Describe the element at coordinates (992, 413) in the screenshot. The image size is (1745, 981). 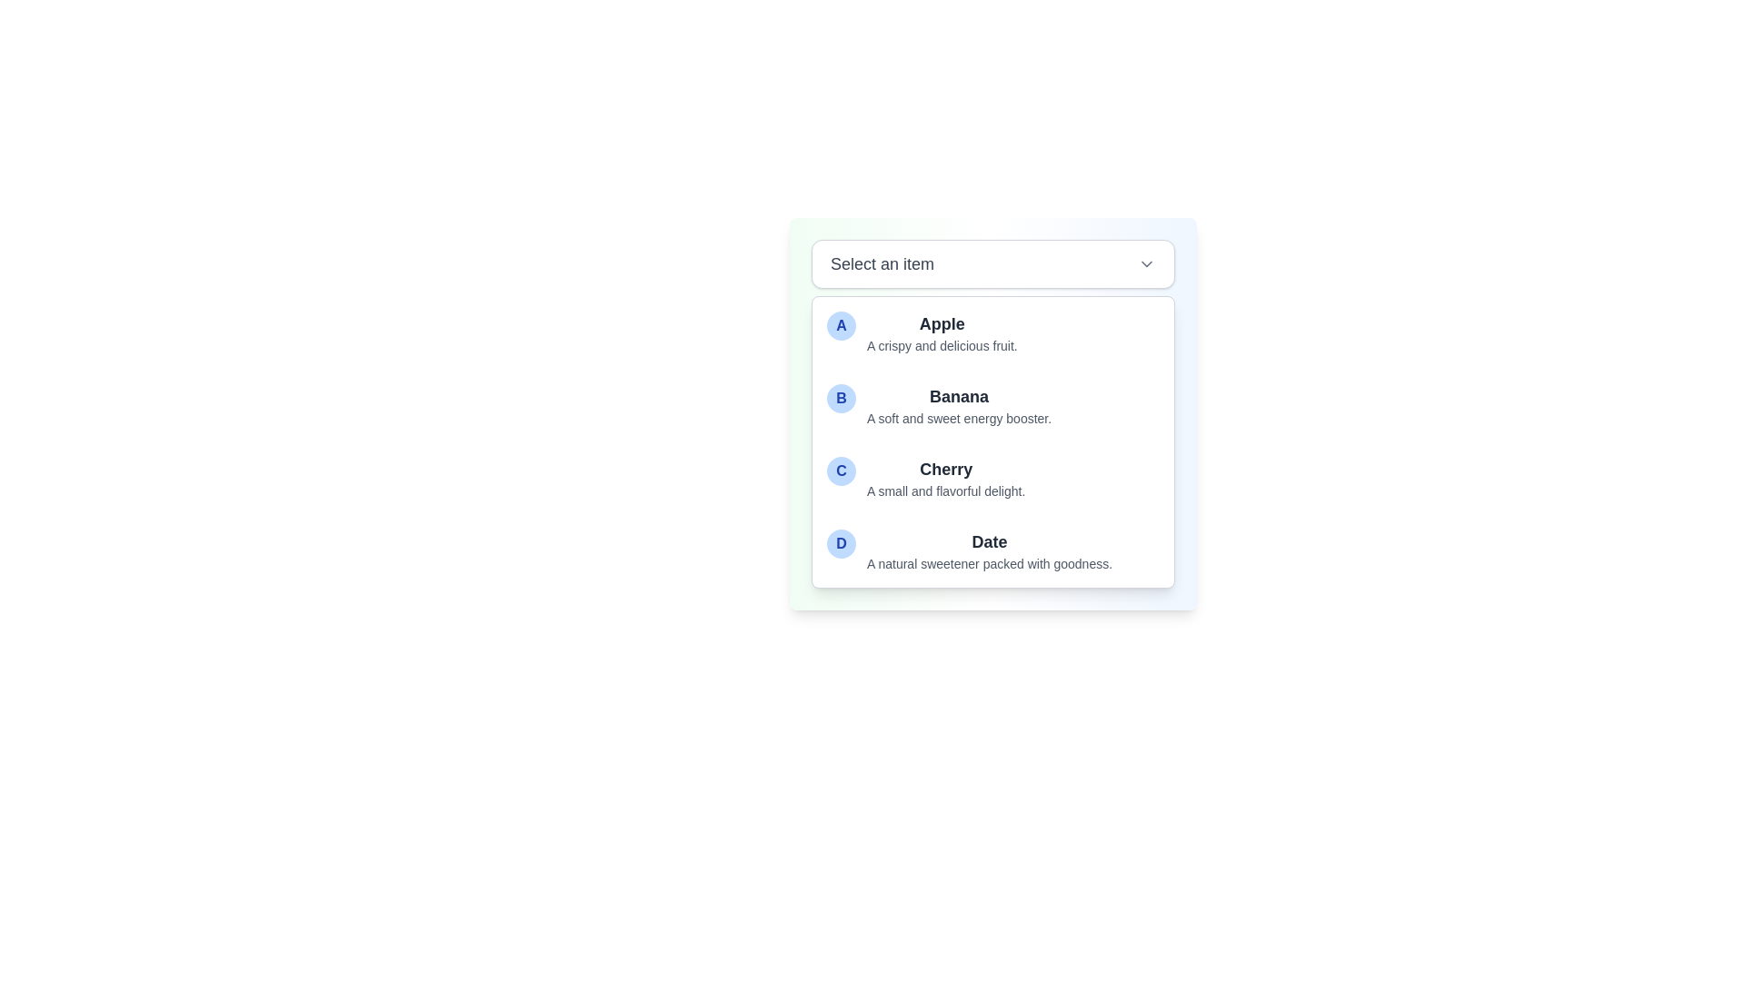
I see `the 'Banana' option in the dropdown list` at that location.